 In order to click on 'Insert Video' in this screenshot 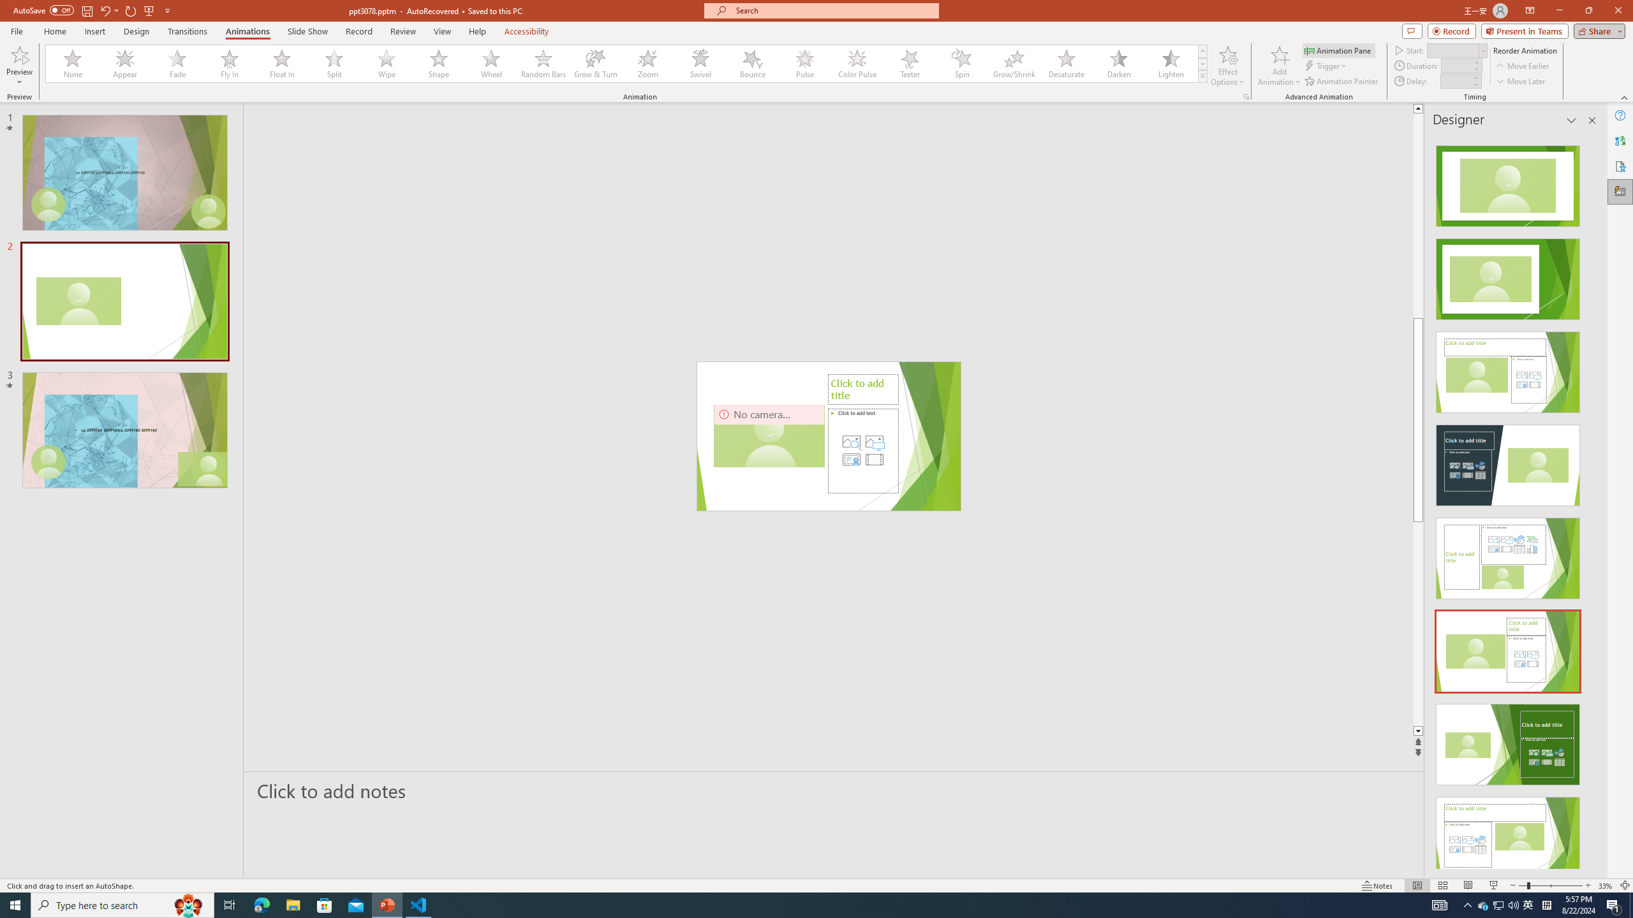, I will do `click(873, 459)`.